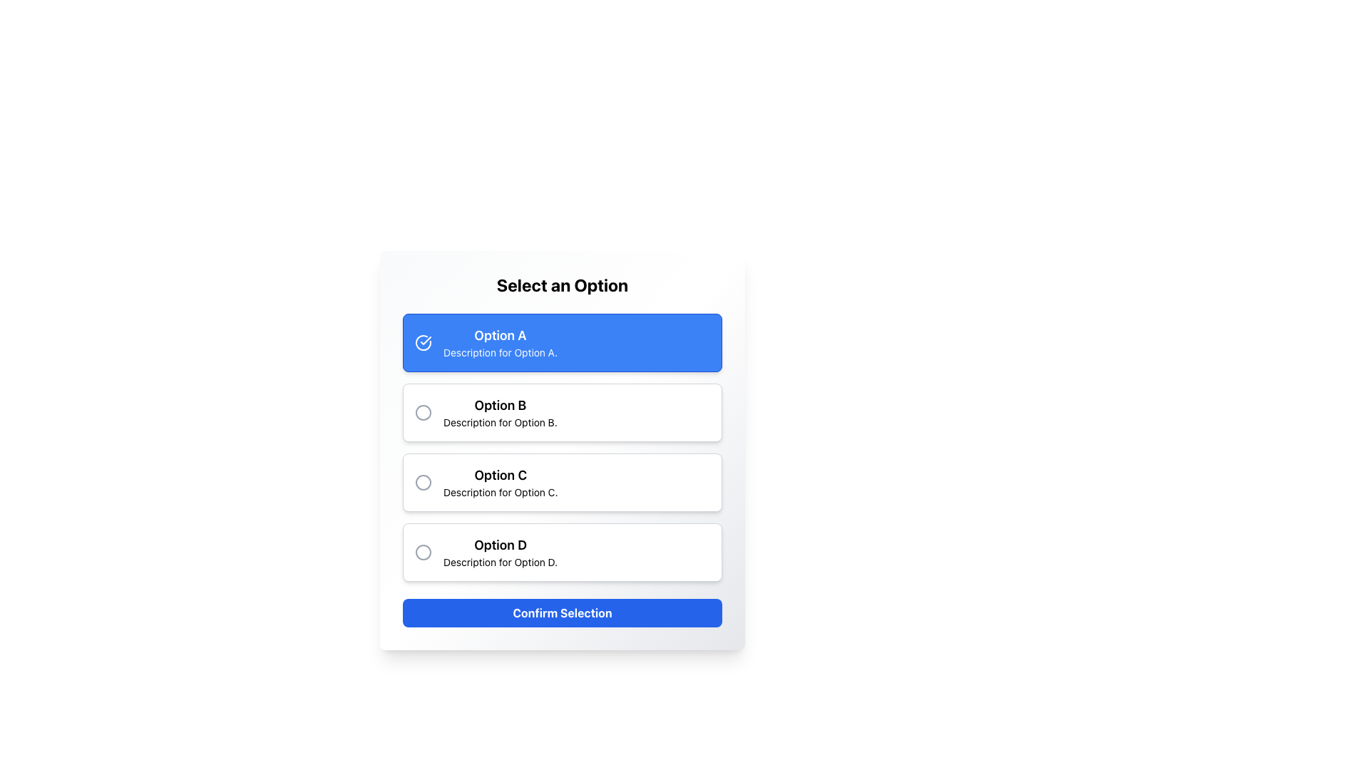 The height and width of the screenshot is (770, 1369). I want to click on the Text block providing additional information for 'Option C', which is located directly below the title of 'Option C' in the list of options, so click(501, 491).